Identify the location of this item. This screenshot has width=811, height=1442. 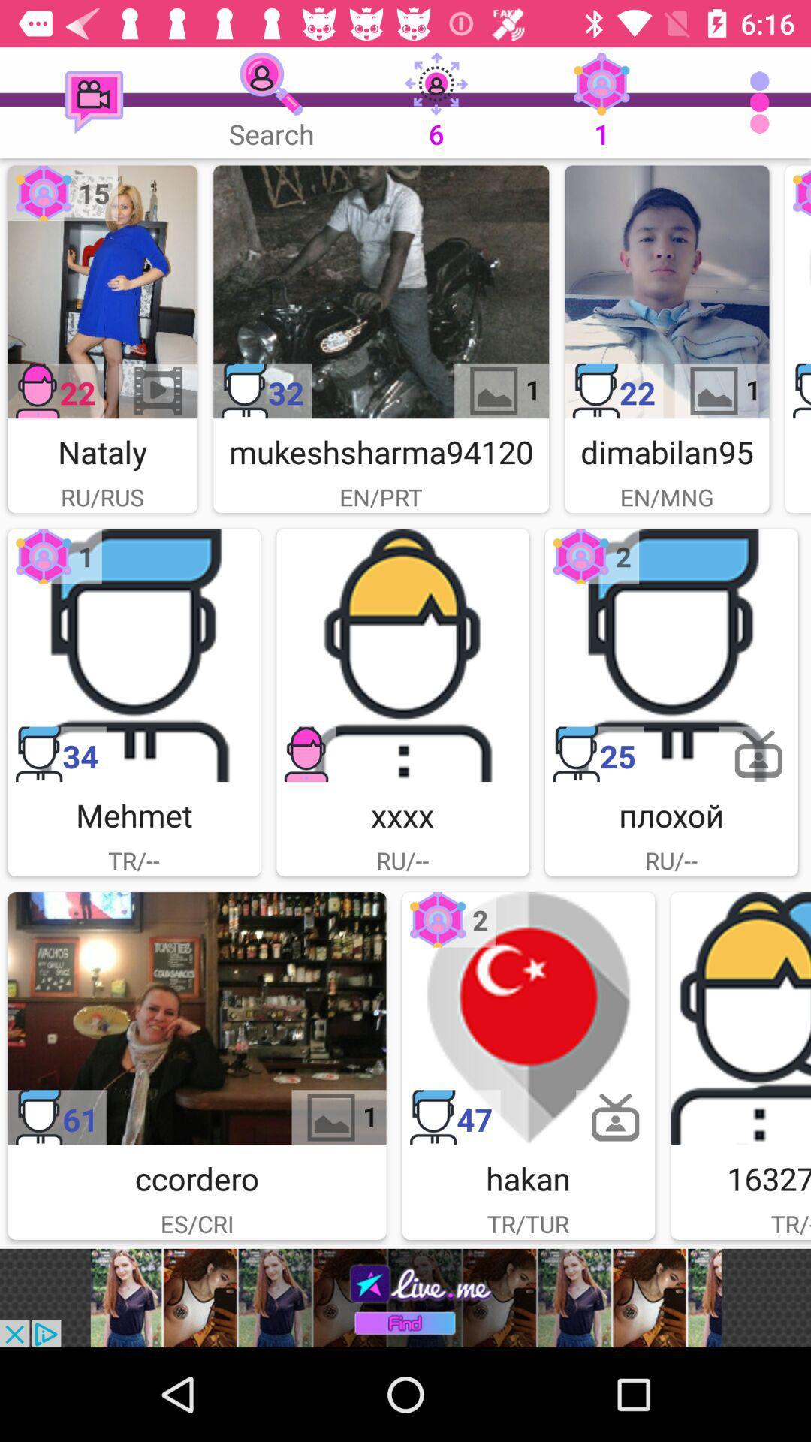
(133, 655).